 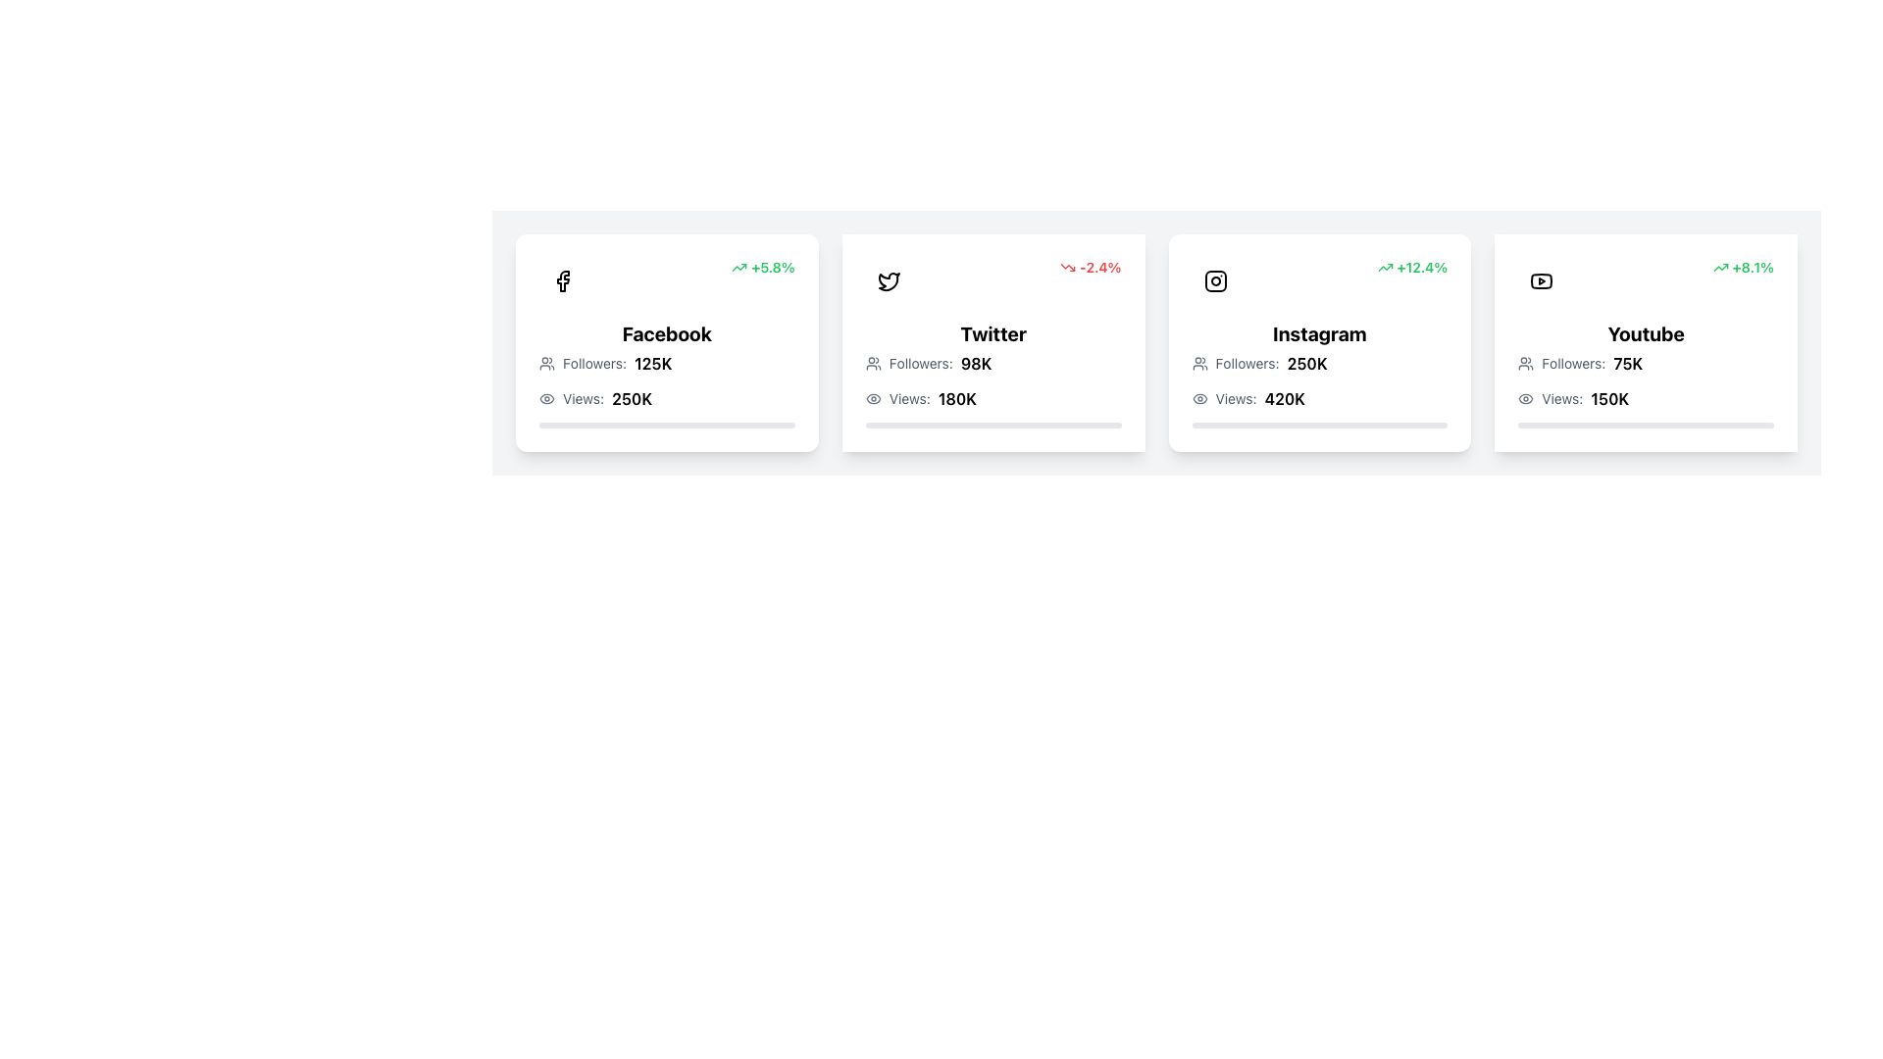 I want to click on the text label displaying '250K', which is in bold font and located on the lower left corner of the Facebook card, next to the 'Views:' label, so click(x=632, y=398).